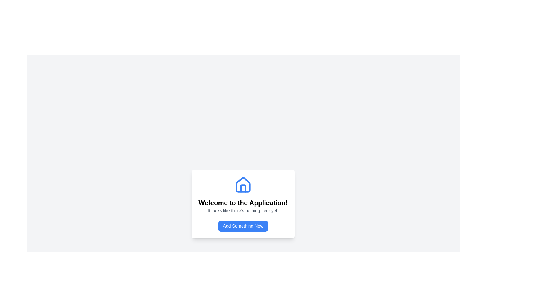  What do you see at coordinates (243, 203) in the screenshot?
I see `the text element that reads 'Welcome to the Application!', which is styled in bold and large font, located prominently within a white, rounded rectangle card` at bounding box center [243, 203].